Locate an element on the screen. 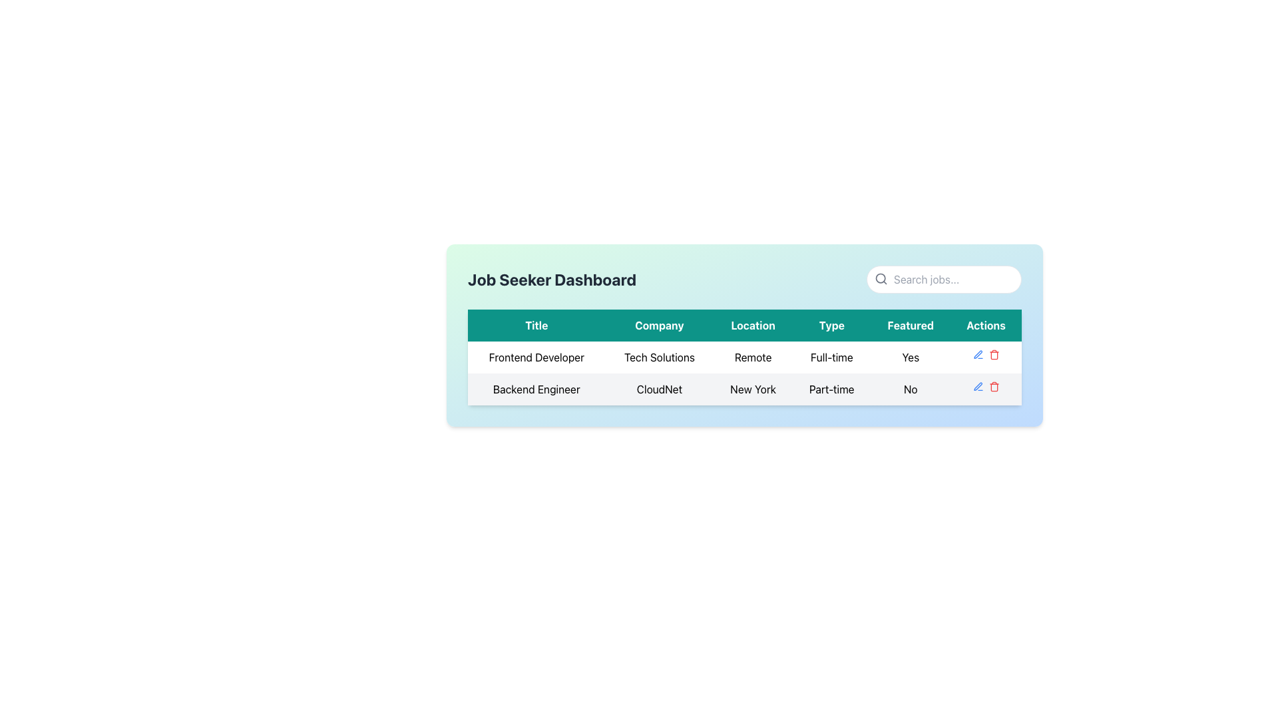 The width and height of the screenshot is (1278, 719). the 'Featured' text label in the fifth column header of the table, which is centrally aligned in a green background and positioned between the 'Type' and 'Actions' columns is located at coordinates (910, 326).